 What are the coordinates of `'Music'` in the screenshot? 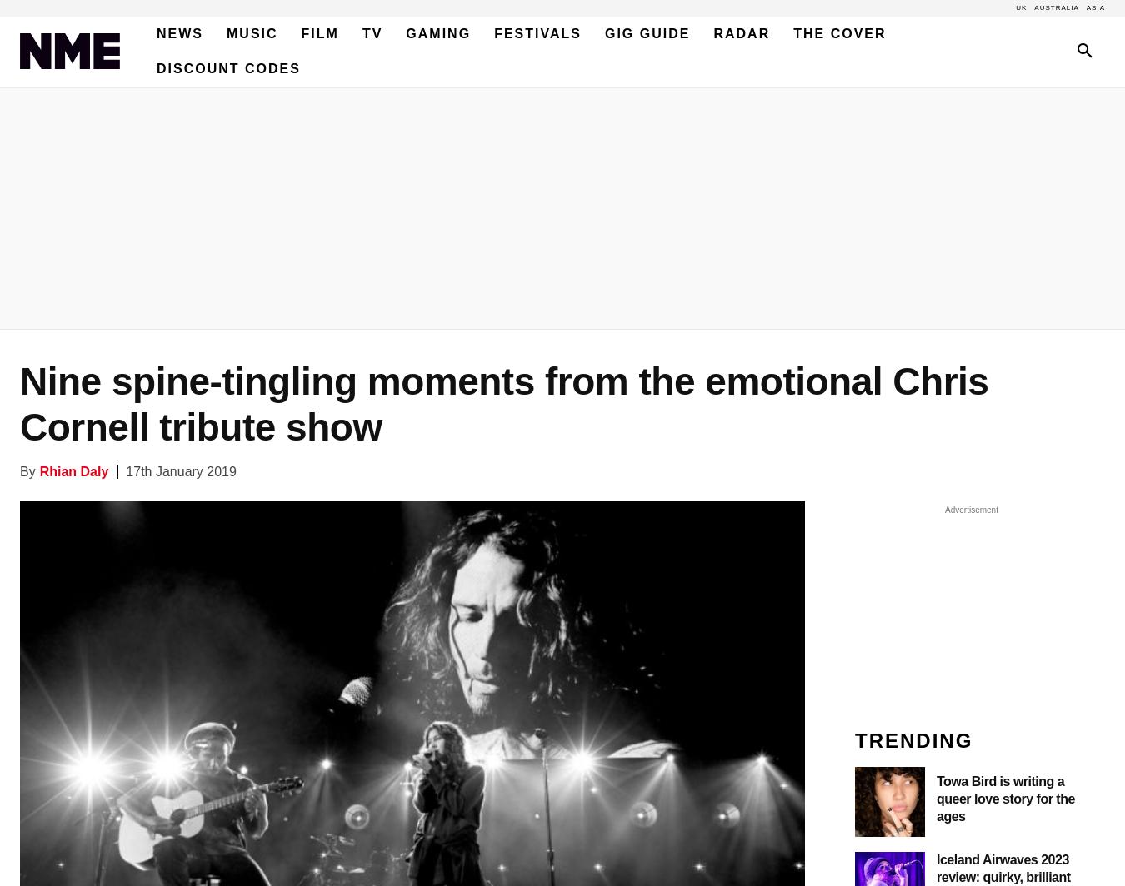 It's located at (226, 33).